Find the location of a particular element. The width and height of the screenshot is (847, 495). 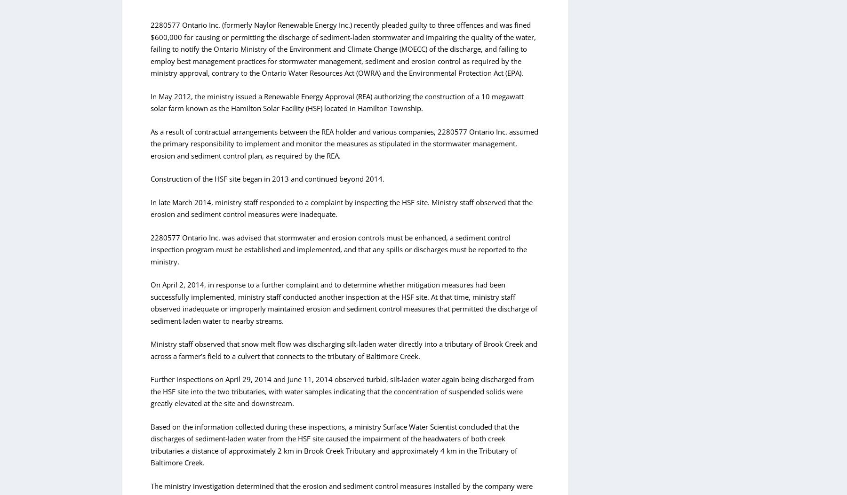

'Further inspections on April 29, 2014 and June 11, 2014 observed turbid, silt-laden water again being discharged from the HSF site into the two tributaries, with water samples indicating that the concentration of suspended solids were greatly elevated at the site and downstream.' is located at coordinates (342, 391).